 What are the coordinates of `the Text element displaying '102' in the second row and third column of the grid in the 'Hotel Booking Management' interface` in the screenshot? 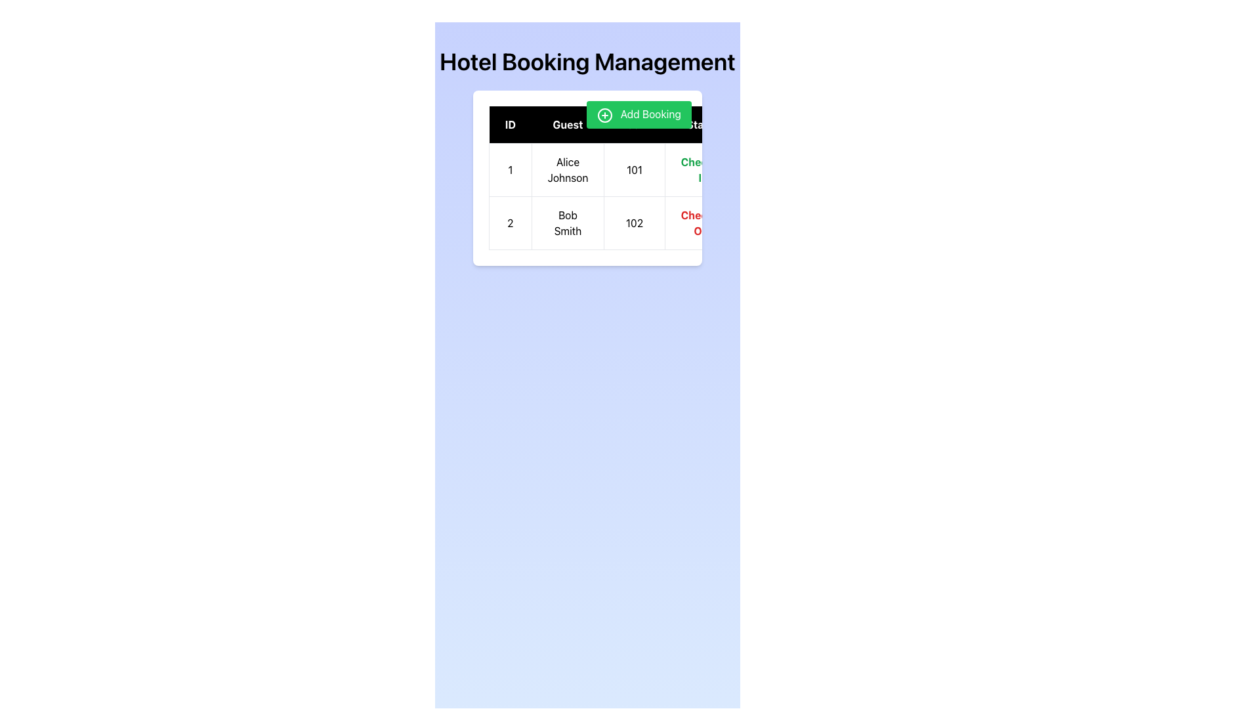 It's located at (635, 222).